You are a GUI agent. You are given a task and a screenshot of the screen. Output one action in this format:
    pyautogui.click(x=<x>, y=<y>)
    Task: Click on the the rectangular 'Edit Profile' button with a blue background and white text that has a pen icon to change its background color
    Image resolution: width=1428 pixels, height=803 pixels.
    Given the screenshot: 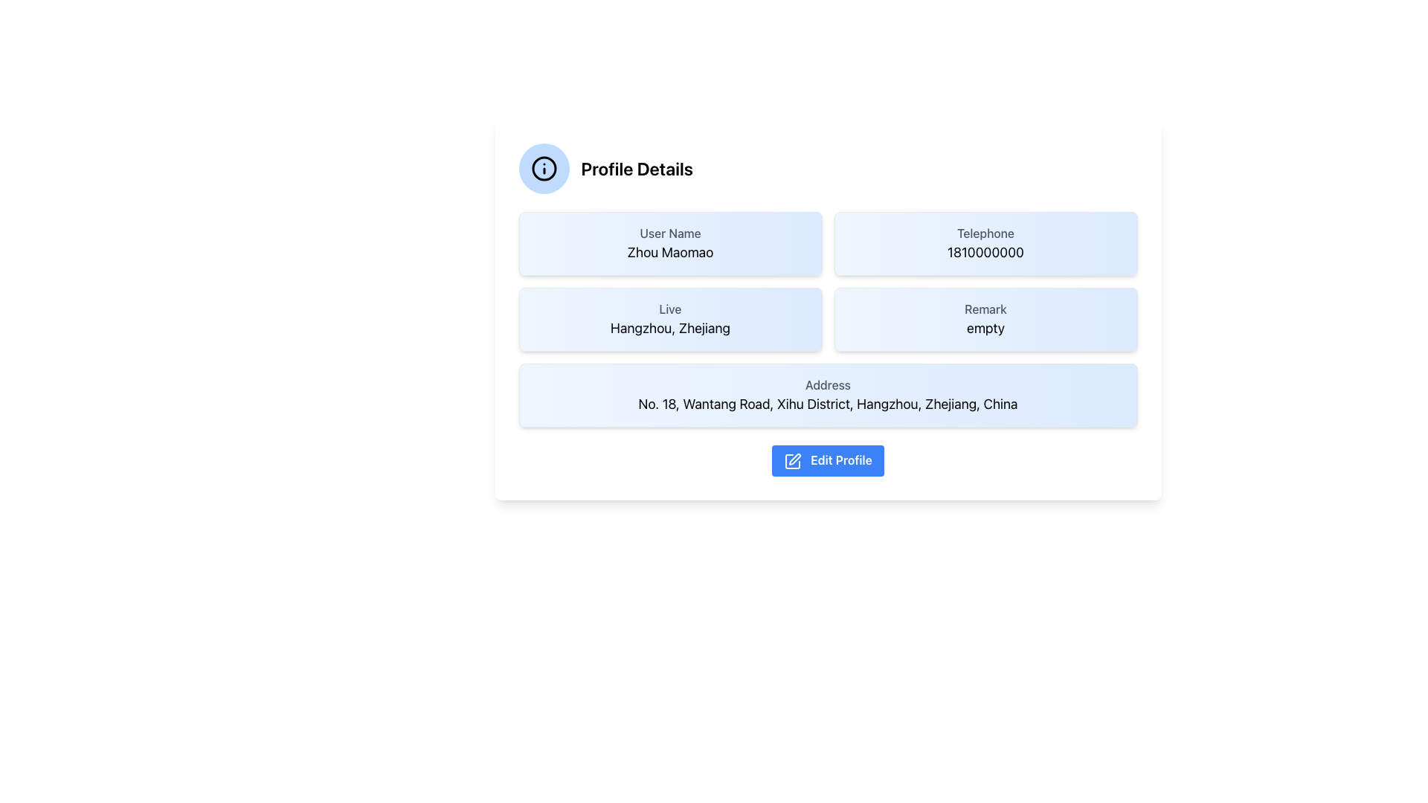 What is the action you would take?
    pyautogui.click(x=827, y=459)
    